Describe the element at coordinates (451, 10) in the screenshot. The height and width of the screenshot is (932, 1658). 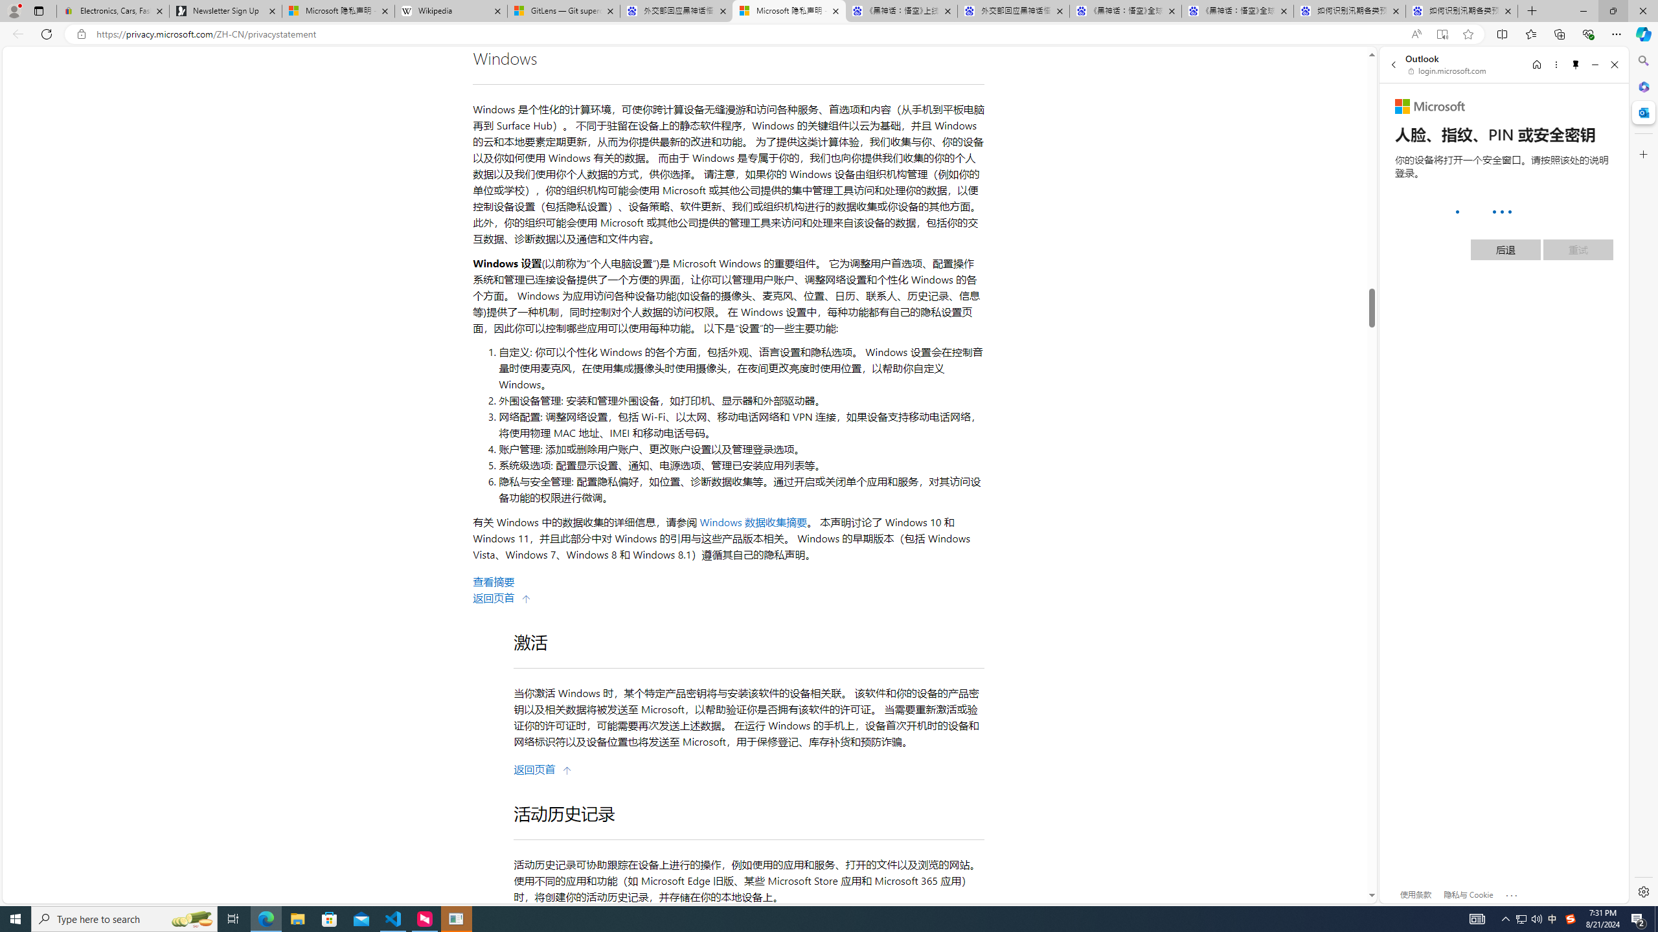
I see `'Wikipedia'` at that location.